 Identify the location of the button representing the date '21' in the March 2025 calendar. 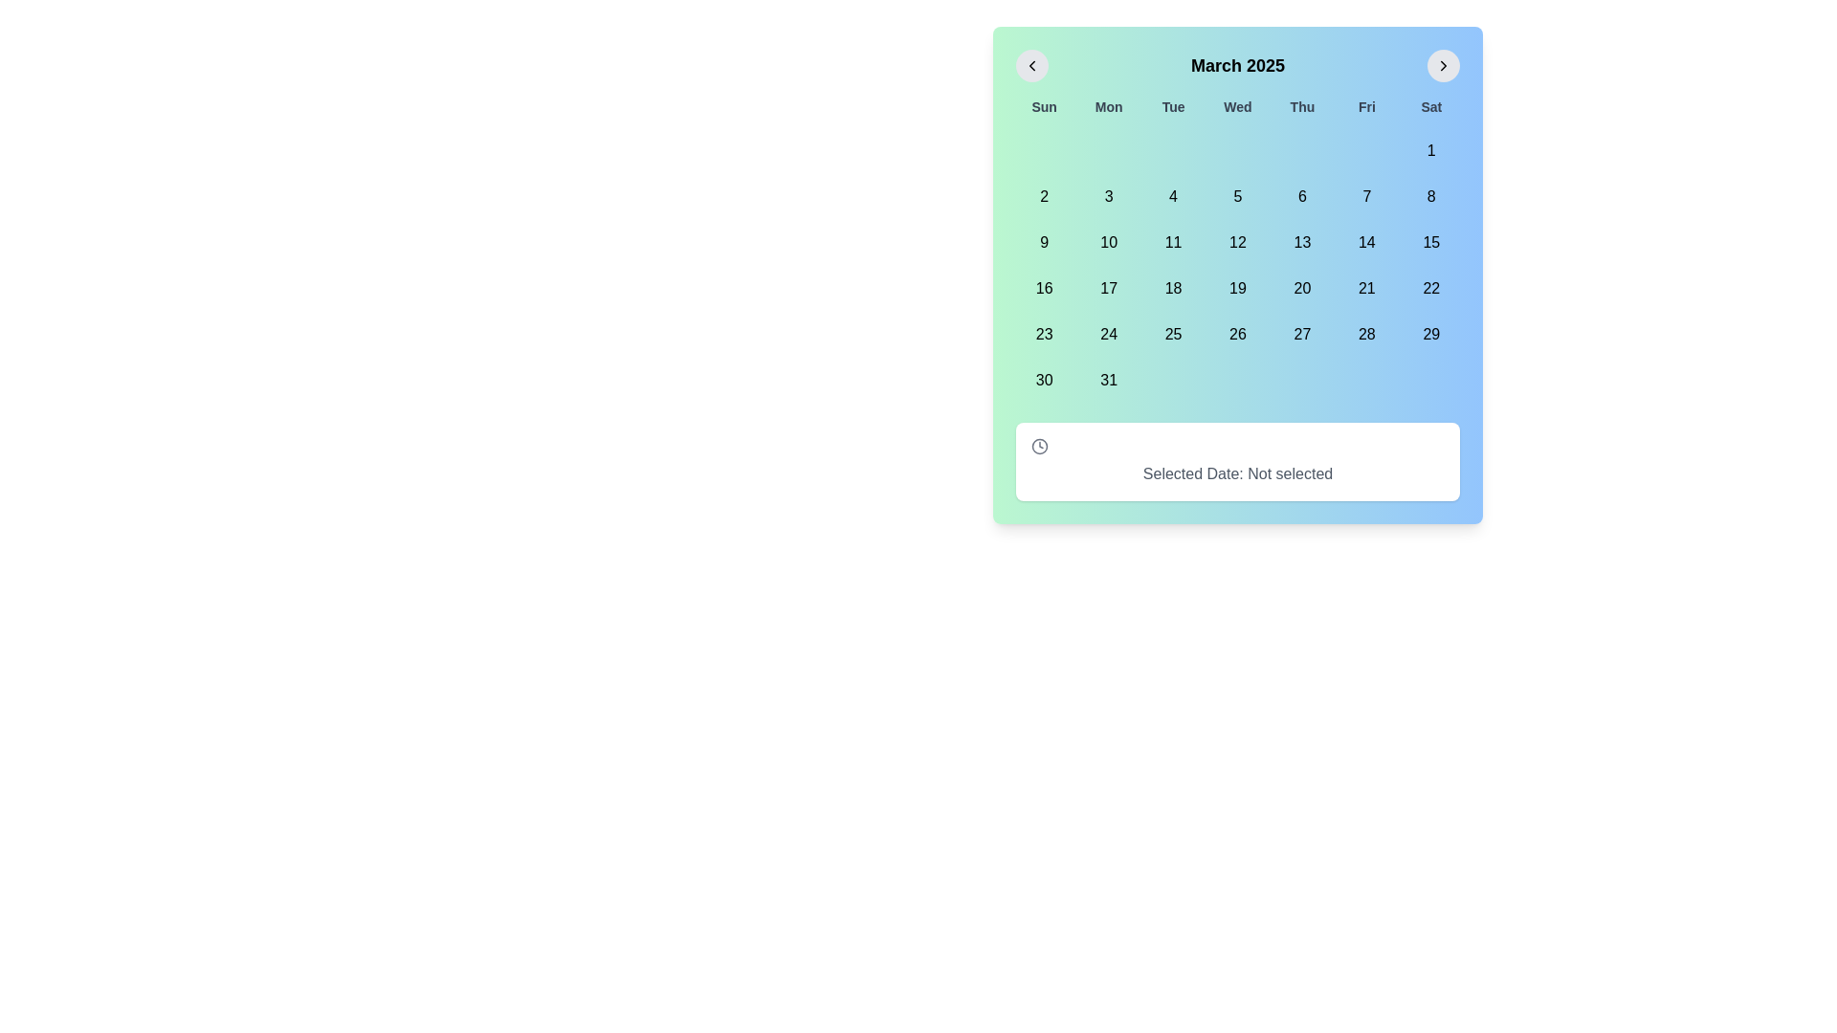
(1365, 288).